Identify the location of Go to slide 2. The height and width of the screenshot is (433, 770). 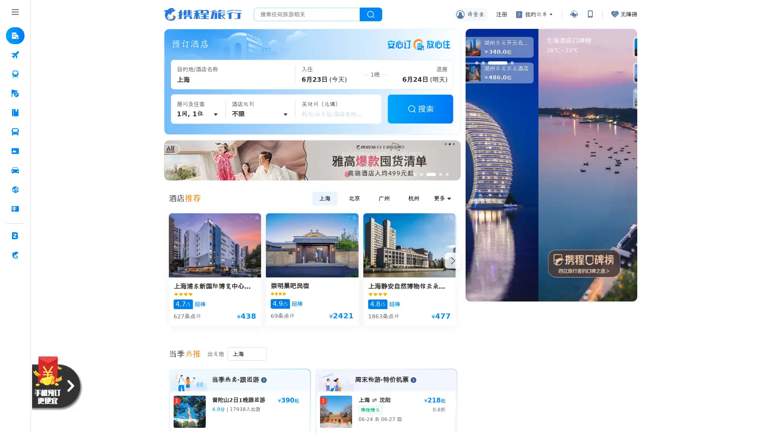
(421, 174).